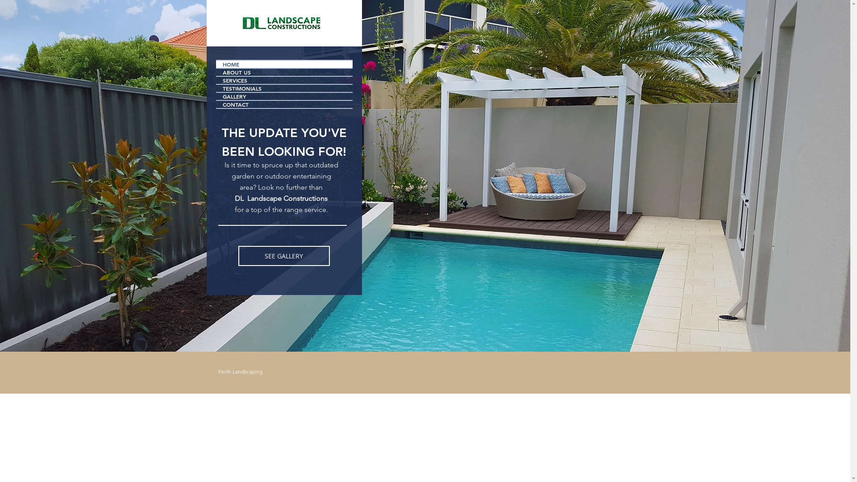 This screenshot has width=857, height=482. What do you see at coordinates (284, 104) in the screenshot?
I see `'CONTACT'` at bounding box center [284, 104].